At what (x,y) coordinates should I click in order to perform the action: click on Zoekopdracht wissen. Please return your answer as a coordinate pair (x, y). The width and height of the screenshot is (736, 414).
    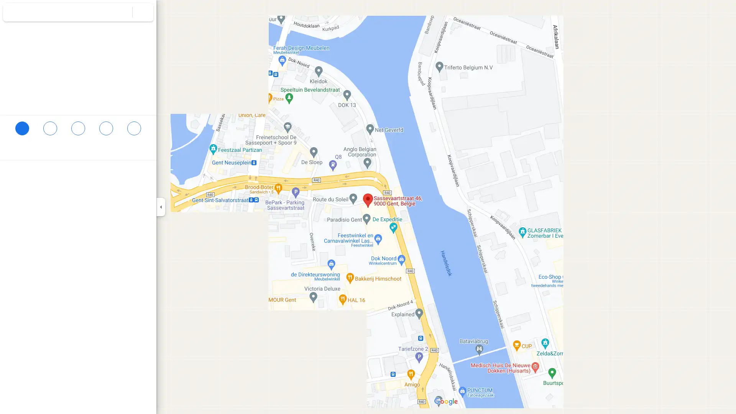
    Looking at the image, I should click on (143, 12).